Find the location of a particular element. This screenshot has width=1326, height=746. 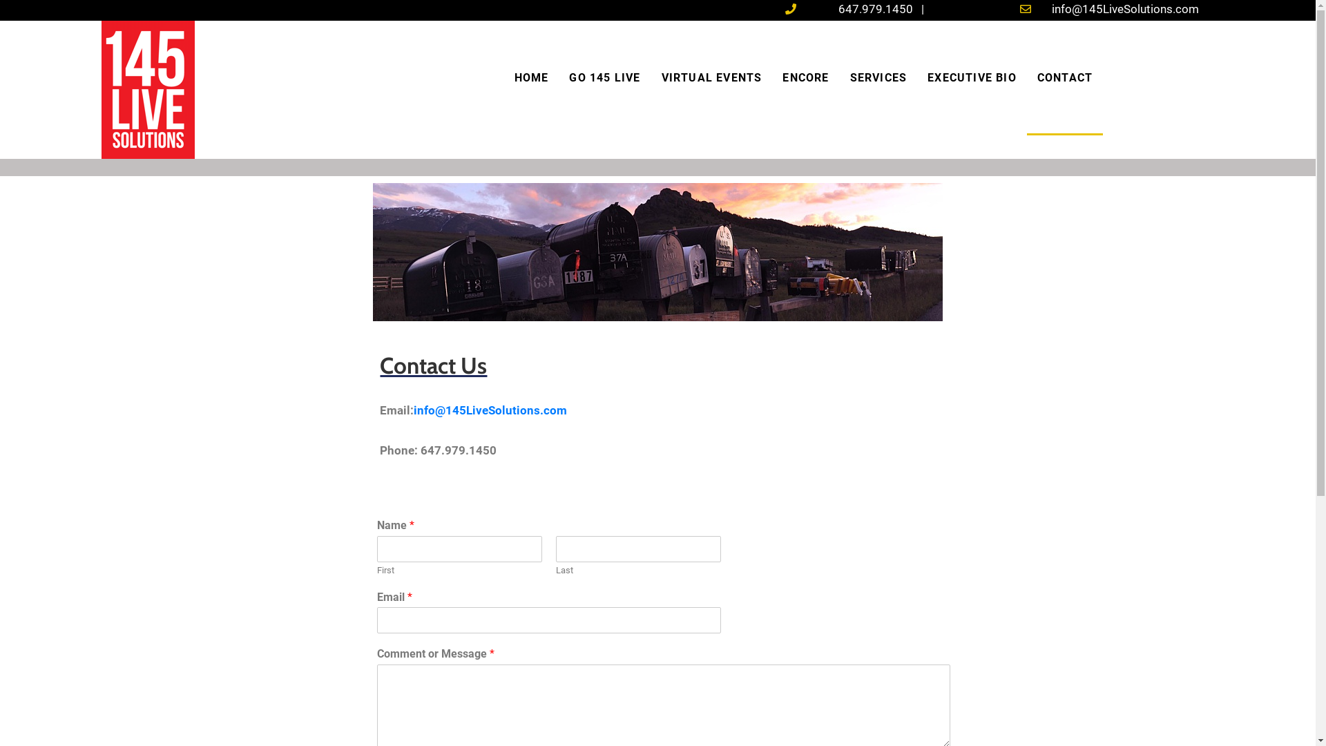

'647.979.1450' is located at coordinates (874, 8).